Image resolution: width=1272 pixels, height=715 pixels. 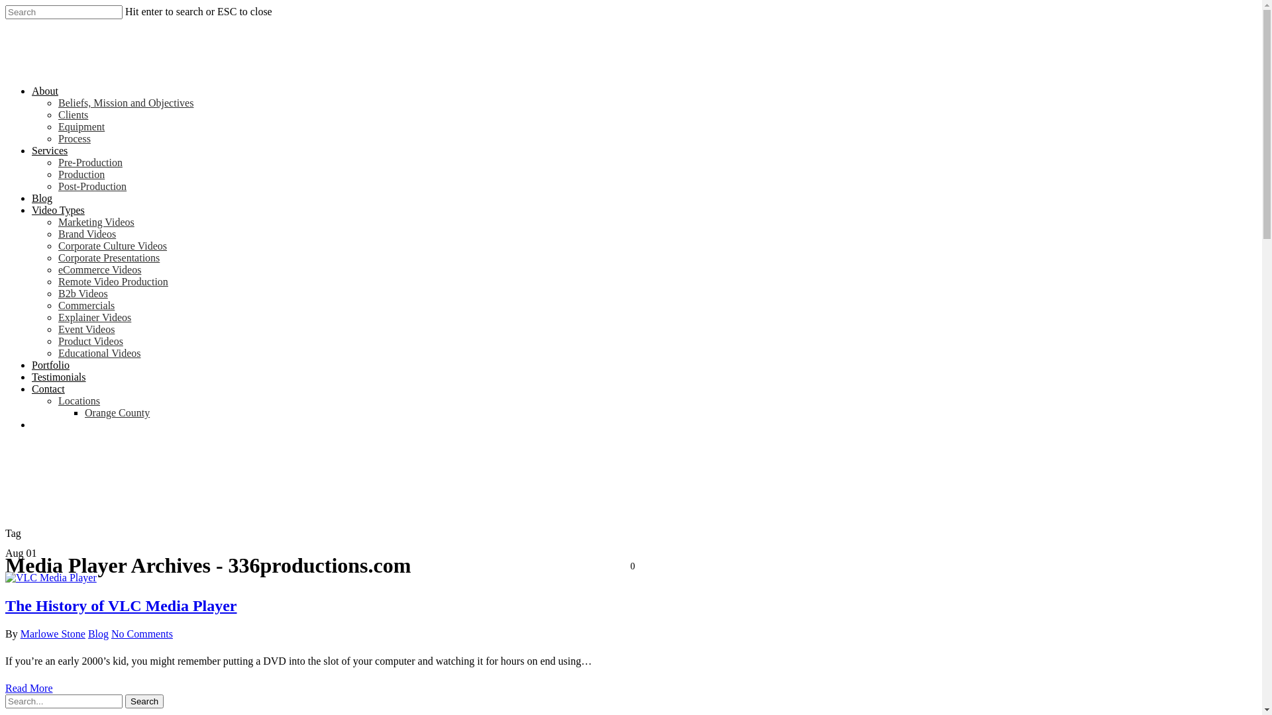 What do you see at coordinates (86, 233) in the screenshot?
I see `'Brand Videos'` at bounding box center [86, 233].